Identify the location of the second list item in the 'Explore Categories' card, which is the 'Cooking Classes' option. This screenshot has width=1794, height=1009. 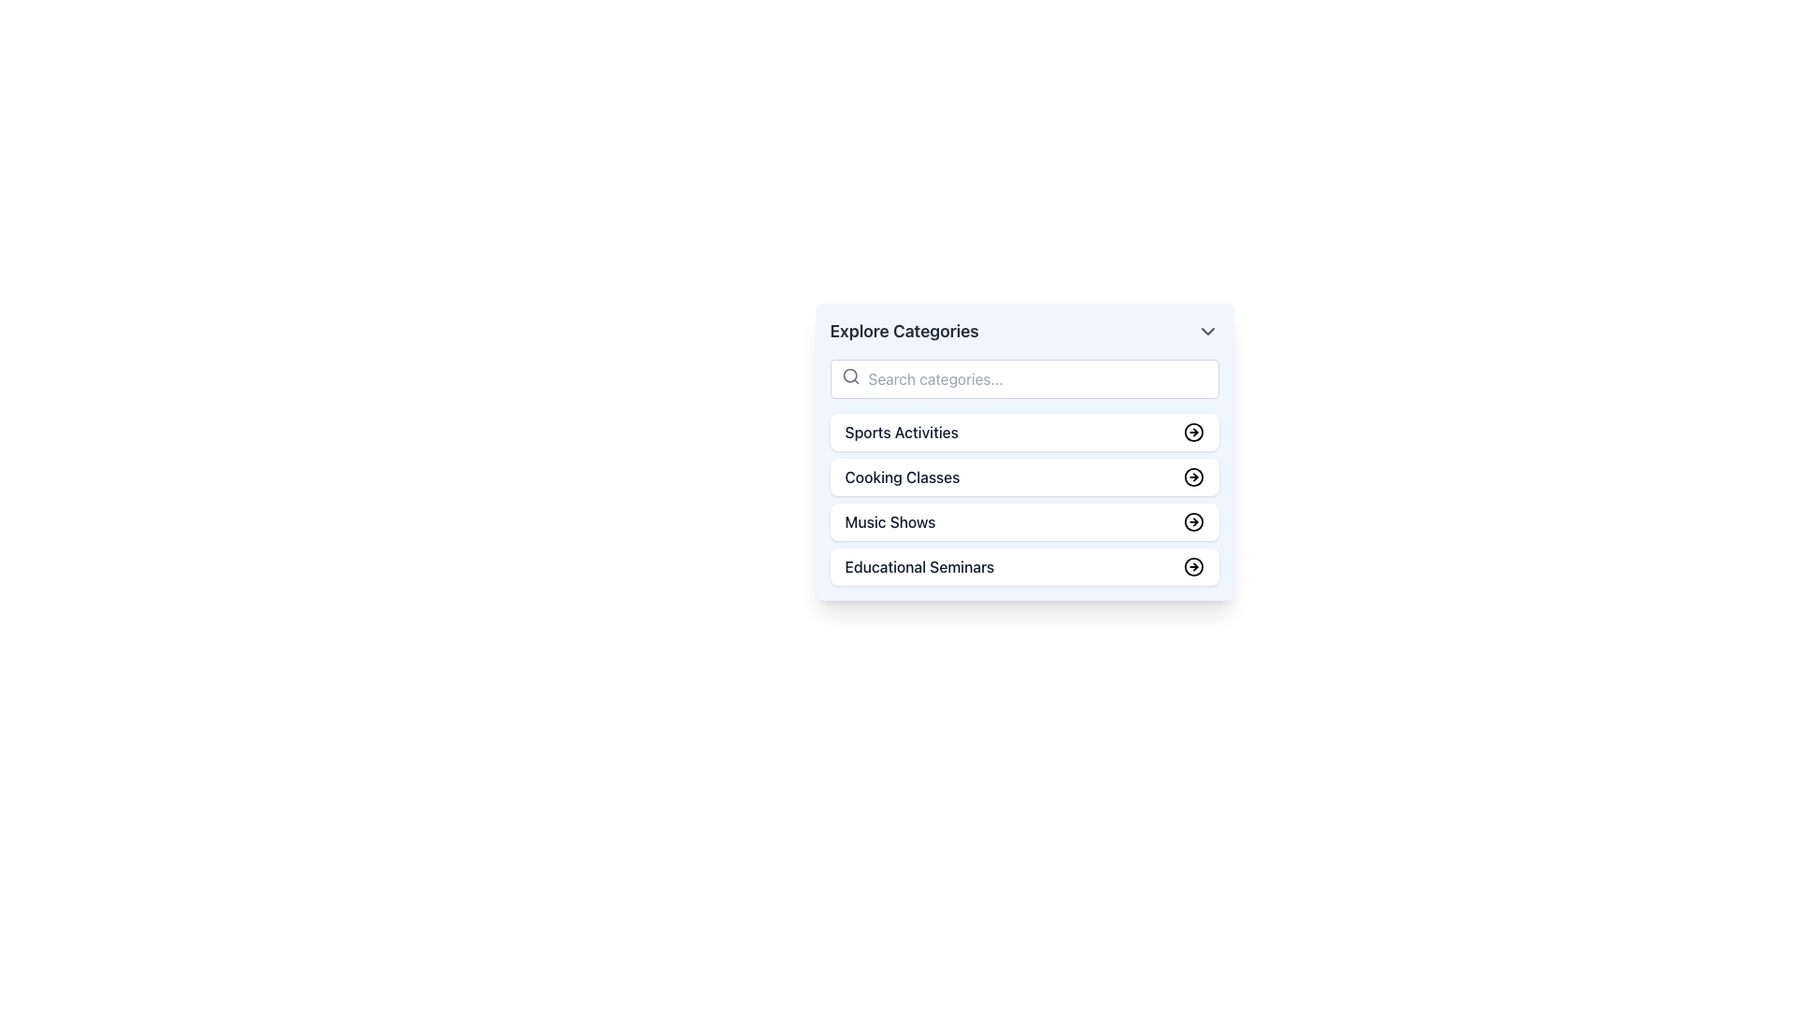
(1023, 499).